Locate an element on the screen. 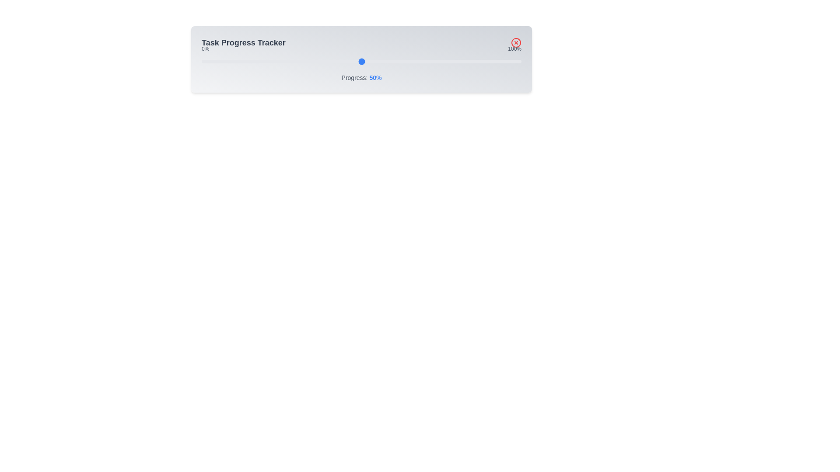 The width and height of the screenshot is (840, 472). the progress is located at coordinates (444, 61).